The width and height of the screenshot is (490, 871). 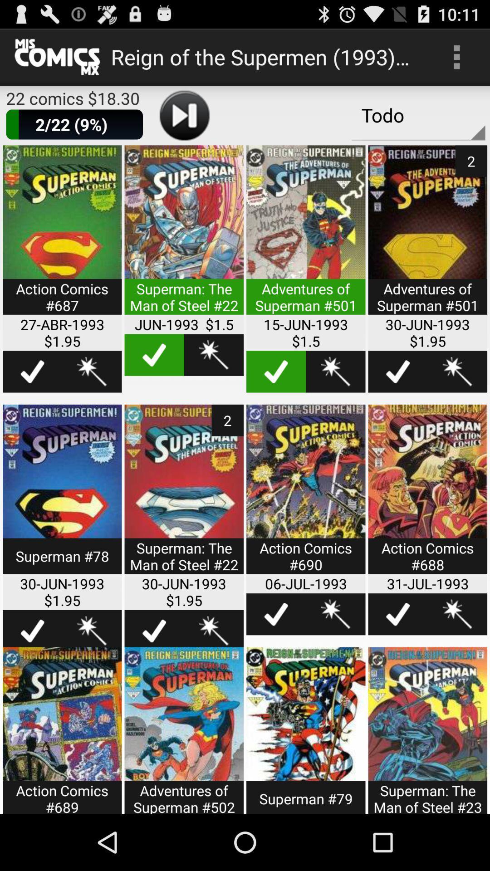 What do you see at coordinates (306, 235) in the screenshot?
I see `option` at bounding box center [306, 235].